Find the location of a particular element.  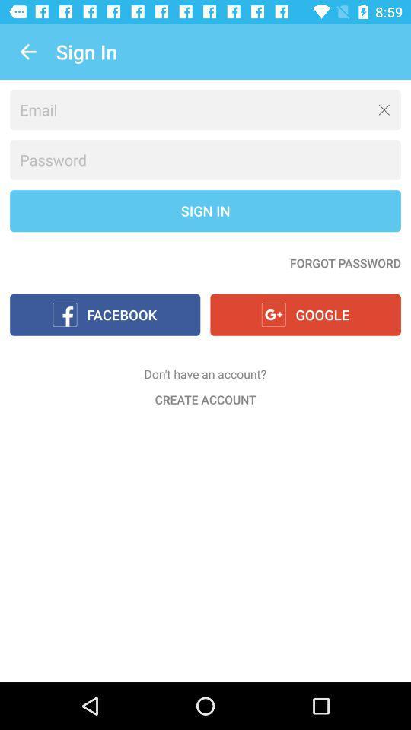

password is located at coordinates (205, 160).